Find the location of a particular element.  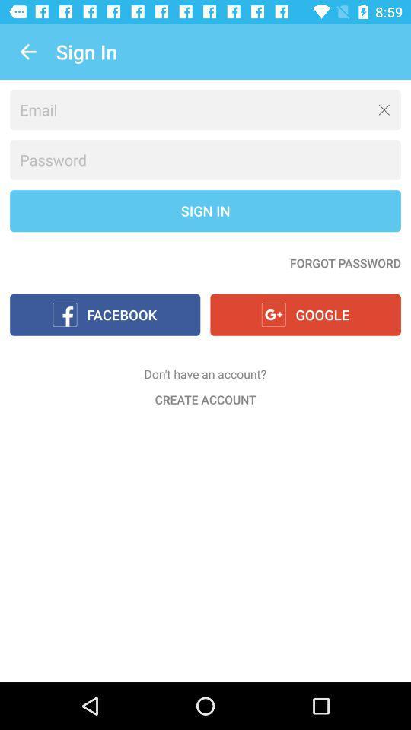

password is located at coordinates (205, 160).